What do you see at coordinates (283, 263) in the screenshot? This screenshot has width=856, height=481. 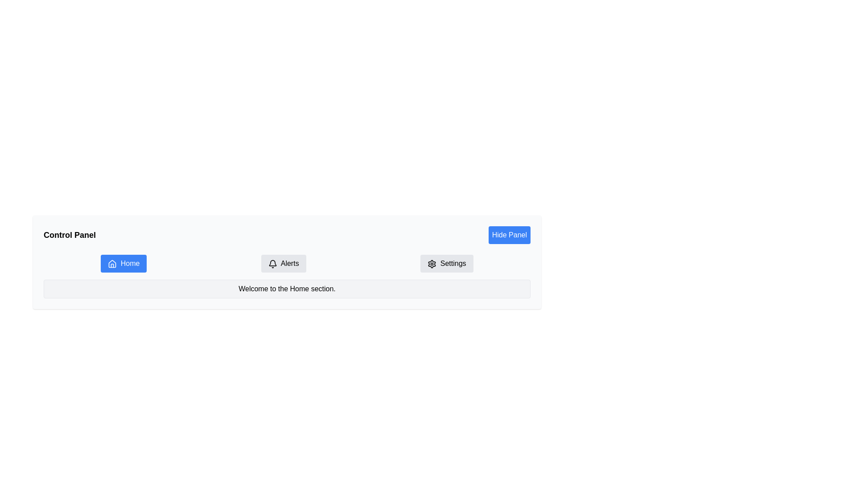 I see `the 'Alerts' button with a light gray background and rounded corners` at bounding box center [283, 263].